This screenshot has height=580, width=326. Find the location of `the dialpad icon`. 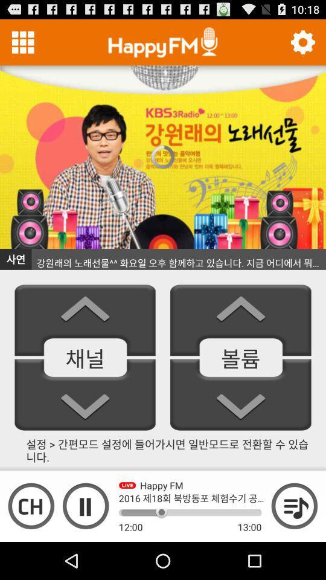

the dialpad icon is located at coordinates (23, 45).